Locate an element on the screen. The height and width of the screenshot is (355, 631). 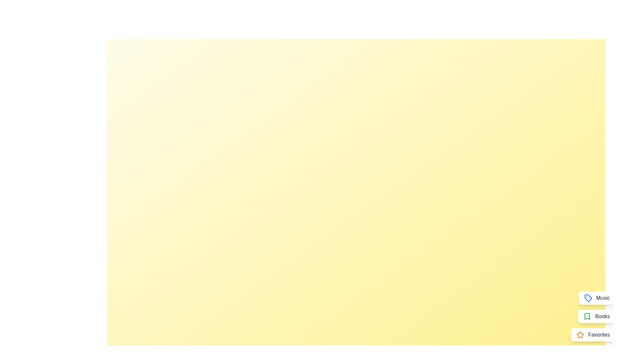
the 'Books' menu item is located at coordinates (596, 316).